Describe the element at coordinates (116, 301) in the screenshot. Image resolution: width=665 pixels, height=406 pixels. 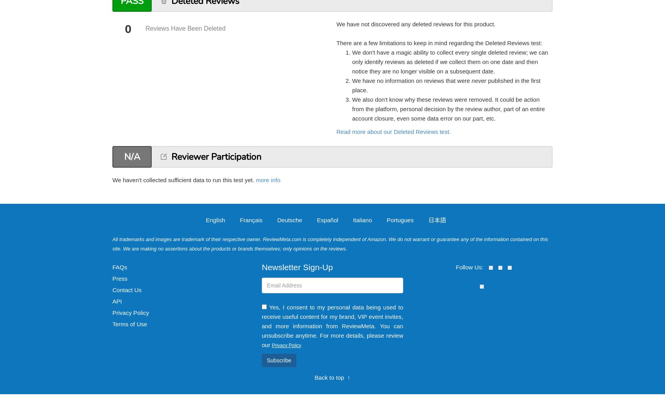
I see `'API'` at that location.